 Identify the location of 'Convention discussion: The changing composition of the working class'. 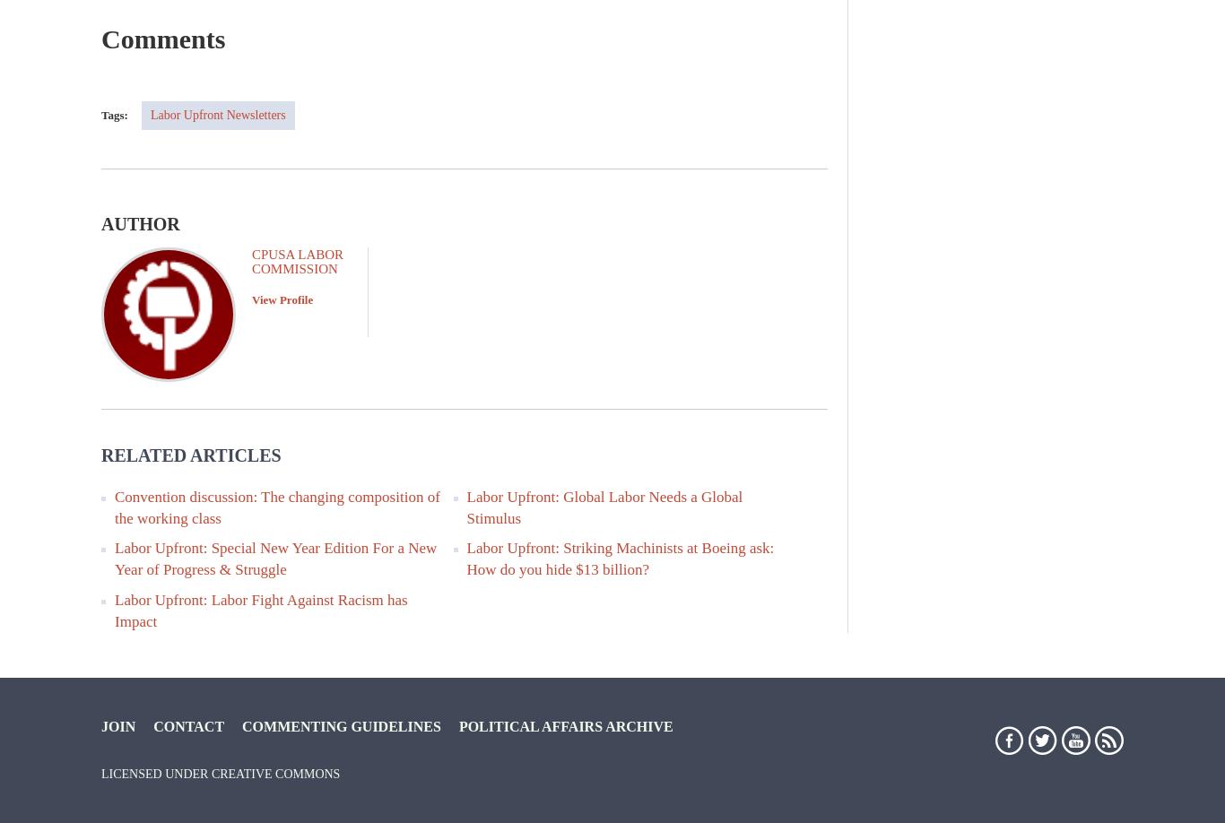
(276, 506).